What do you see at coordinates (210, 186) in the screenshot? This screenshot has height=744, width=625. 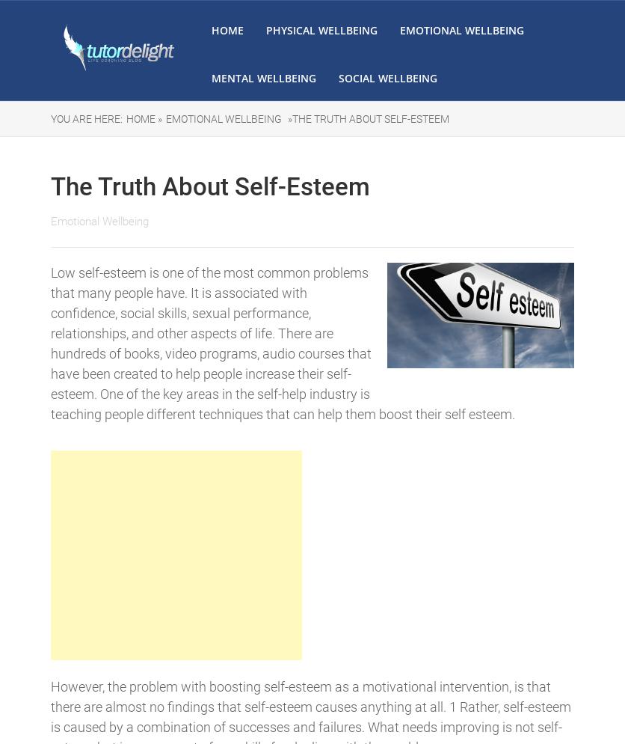 I see `'The Truth About Self-Esteem'` at bounding box center [210, 186].